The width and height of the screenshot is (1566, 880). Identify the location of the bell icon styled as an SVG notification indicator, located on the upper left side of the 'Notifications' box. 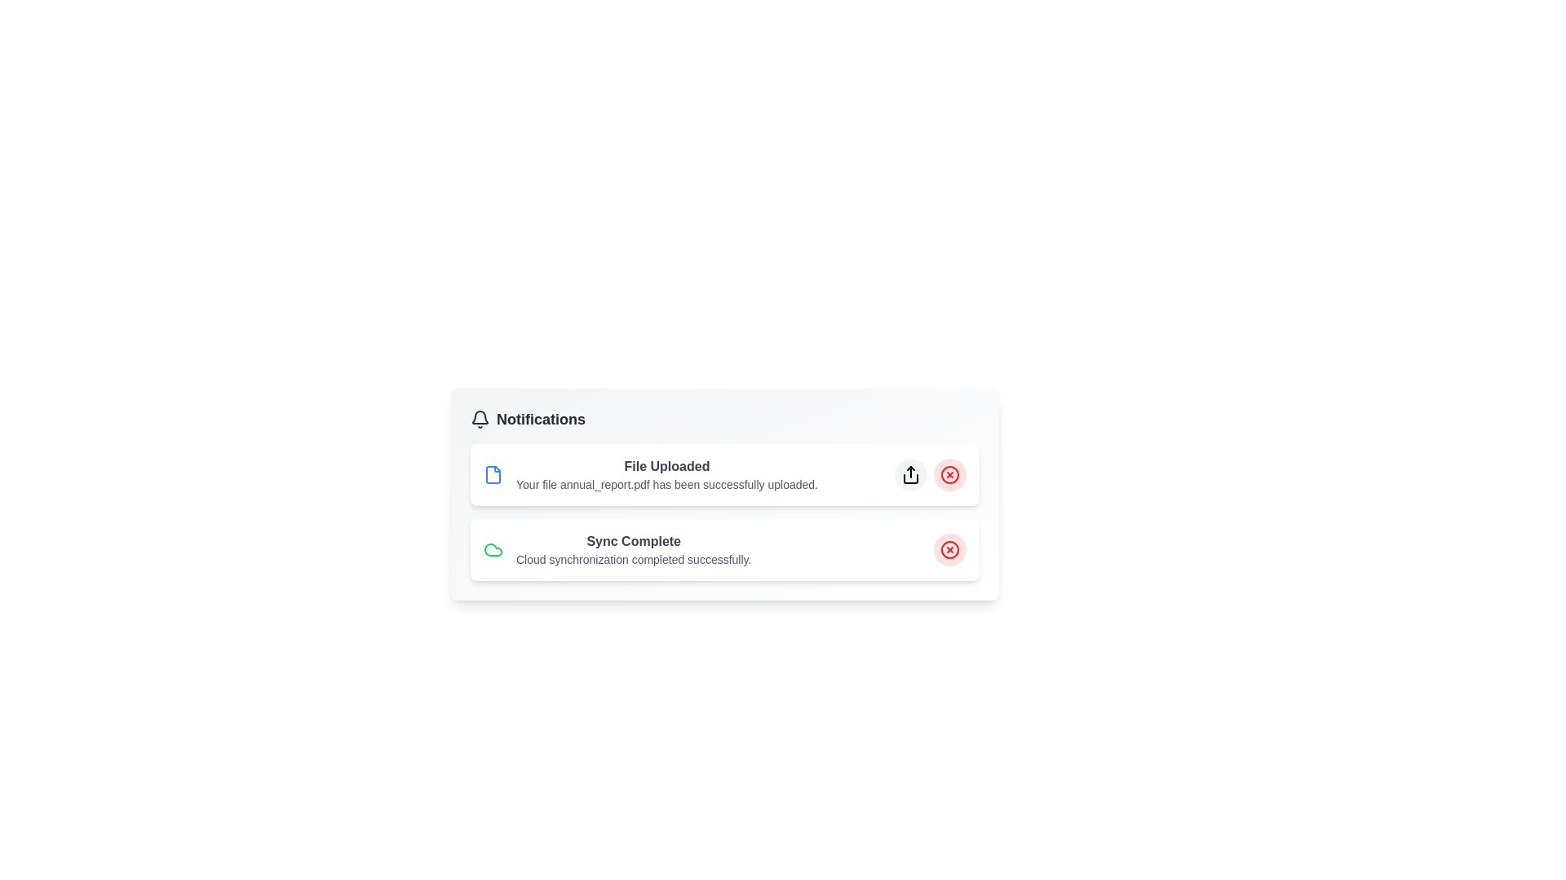
(480, 419).